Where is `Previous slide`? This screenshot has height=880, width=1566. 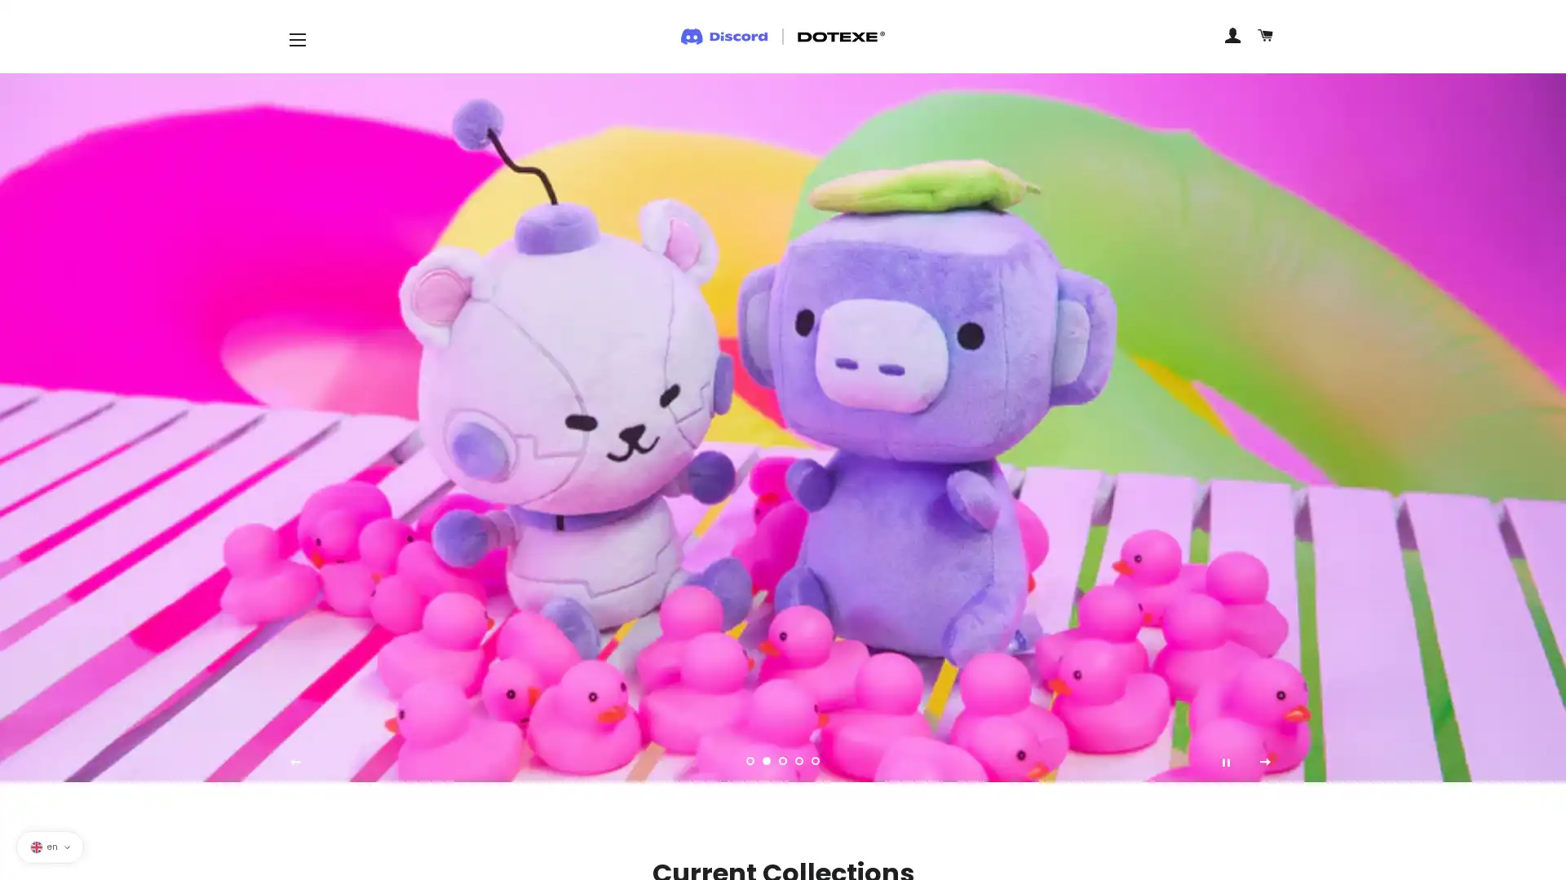
Previous slide is located at coordinates (294, 761).